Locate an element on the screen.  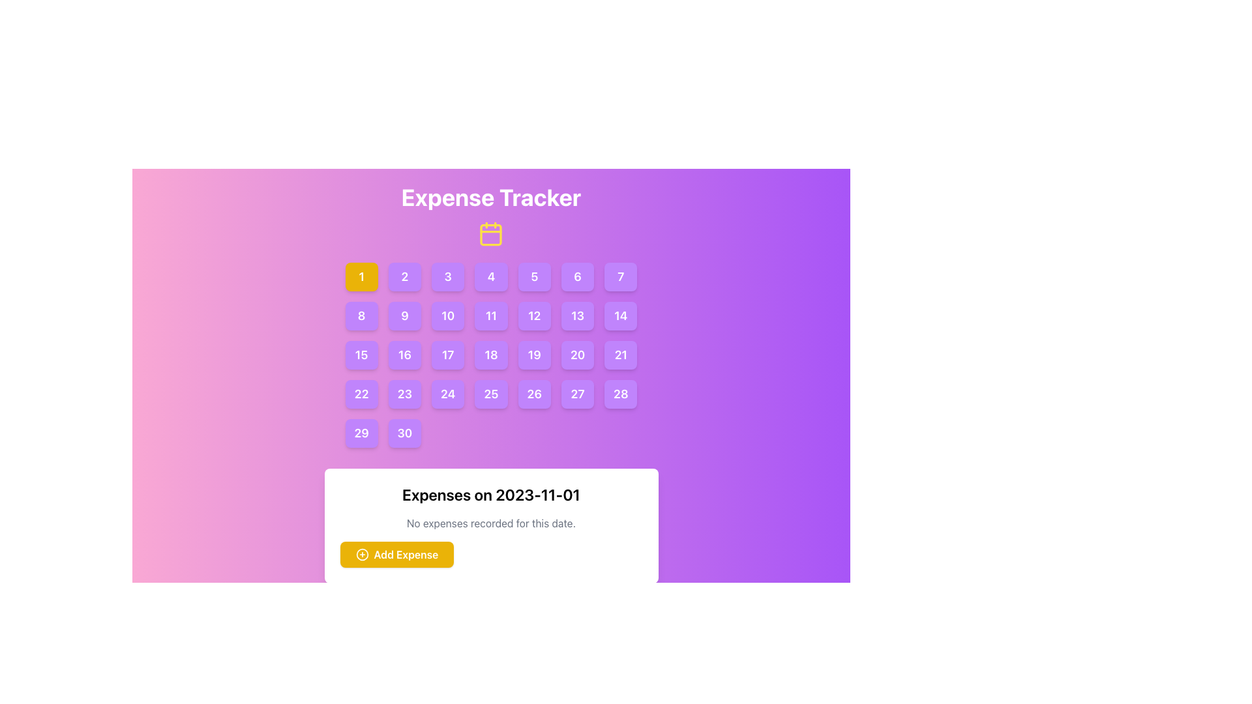
the 28th day button in the calendar grid interface to observe the hover styling effects is located at coordinates (620, 394).